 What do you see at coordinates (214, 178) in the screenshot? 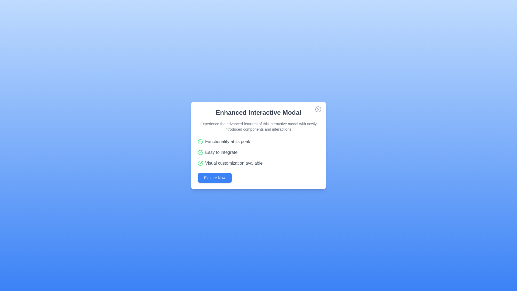
I see `the central button located at the bottom of the modal dialog` at bounding box center [214, 178].